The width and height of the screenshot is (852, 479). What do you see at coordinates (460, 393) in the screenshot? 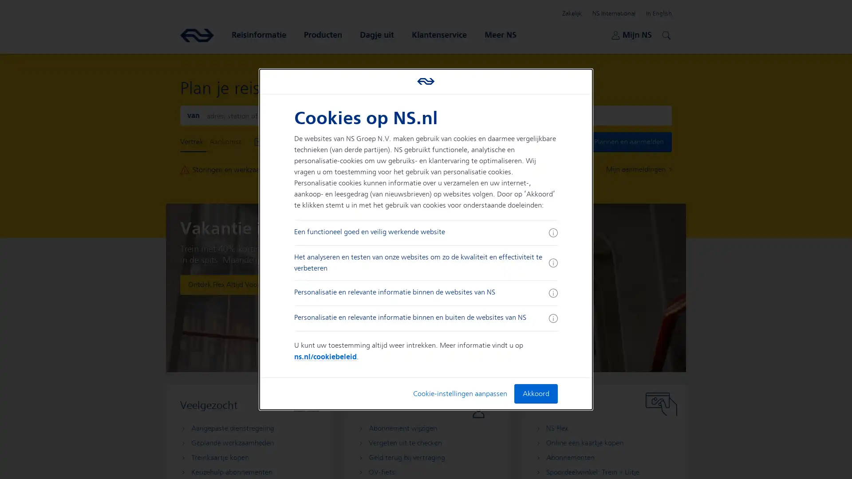
I see `Cookie-instellingen aanpassen` at bounding box center [460, 393].